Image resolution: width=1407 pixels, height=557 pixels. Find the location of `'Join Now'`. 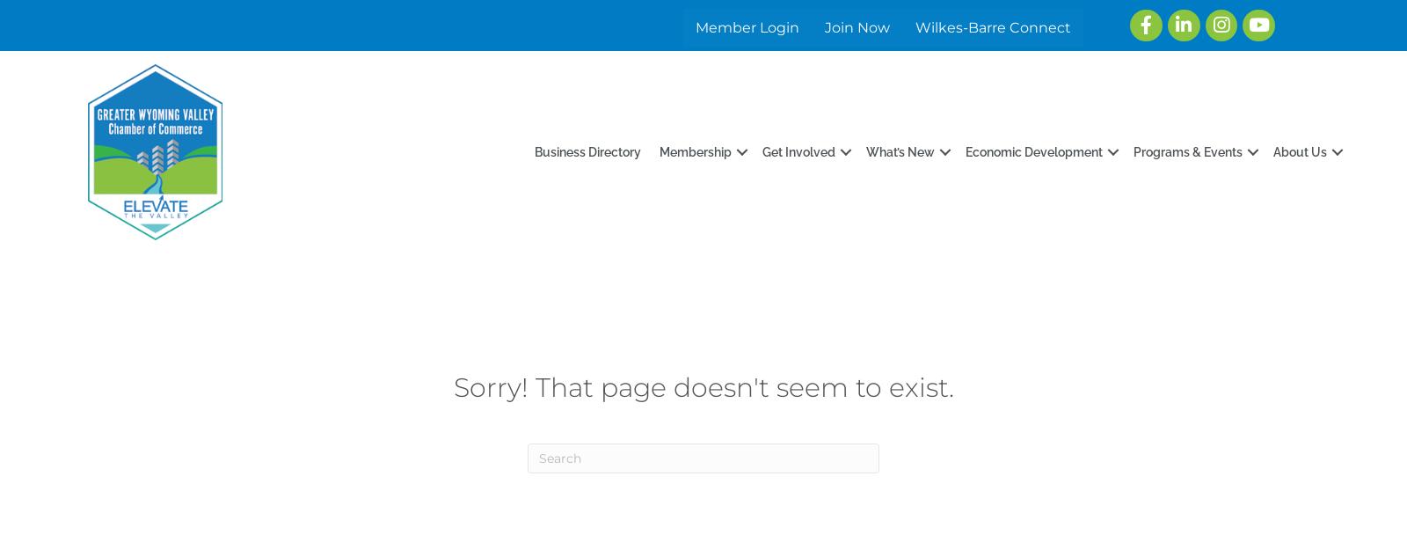

'Join Now' is located at coordinates (824, 26).